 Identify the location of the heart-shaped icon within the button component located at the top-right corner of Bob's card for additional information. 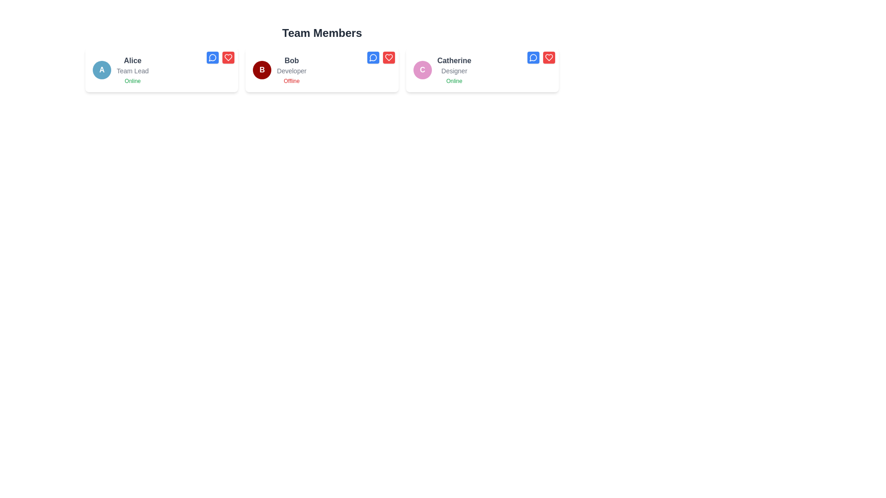
(389, 57).